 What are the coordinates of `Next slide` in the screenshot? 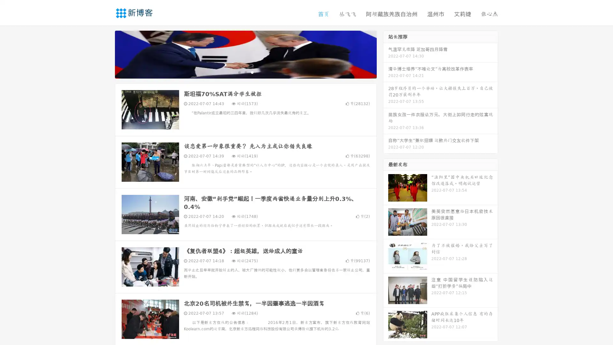 It's located at (386, 54).